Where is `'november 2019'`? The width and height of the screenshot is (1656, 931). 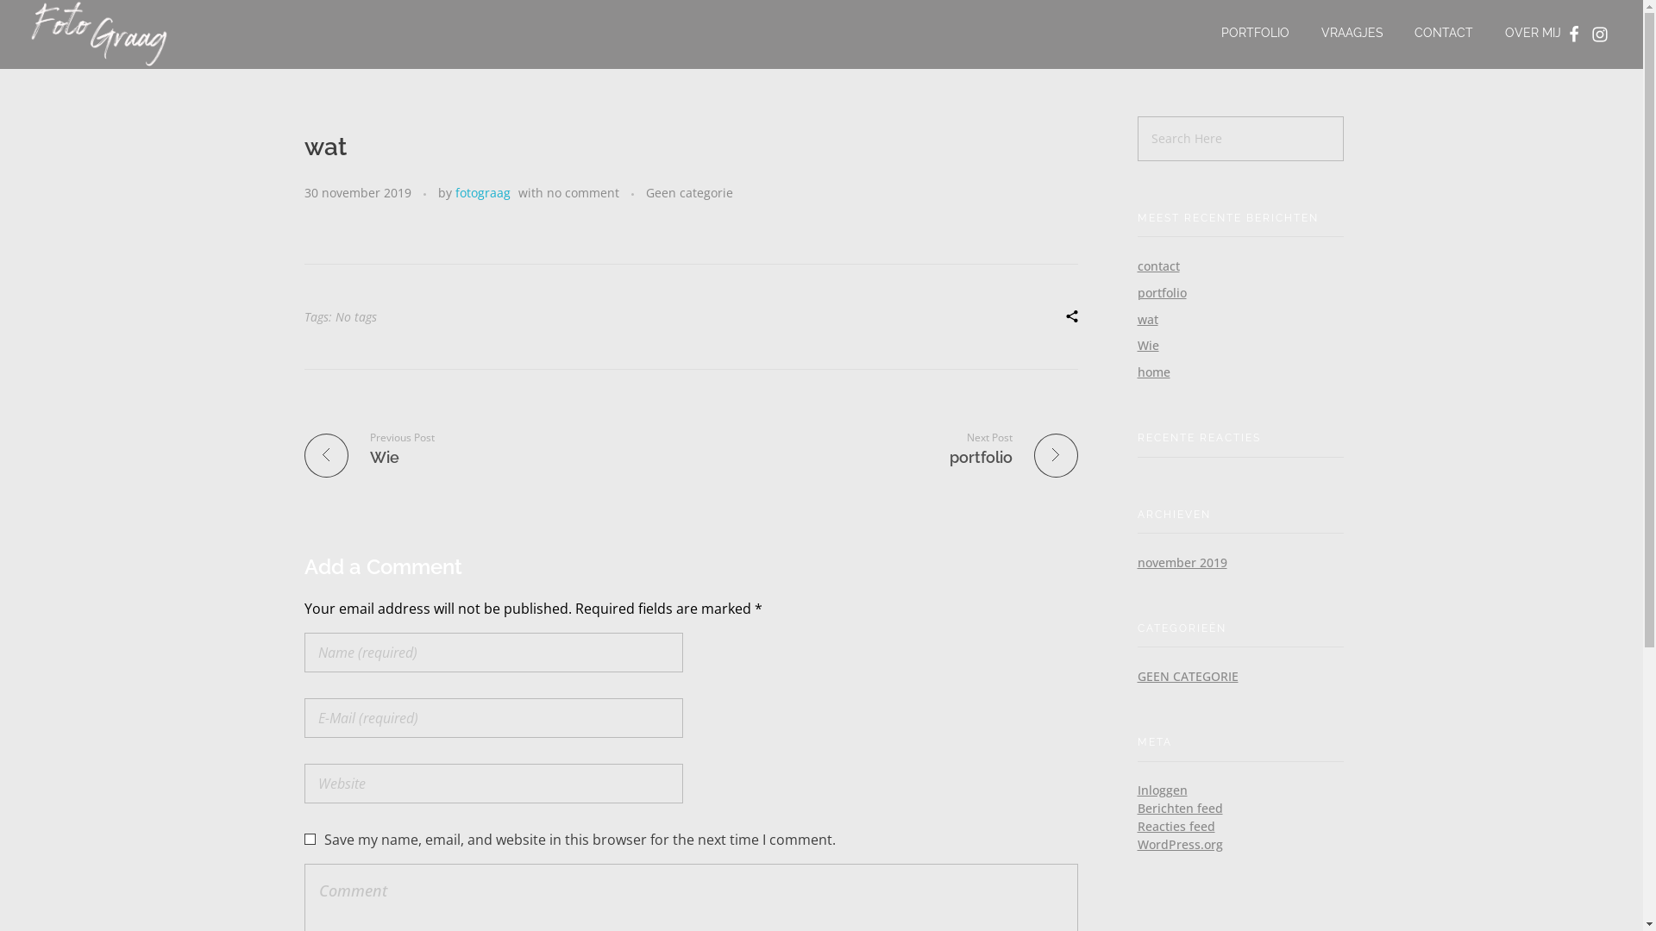 'november 2019' is located at coordinates (1180, 562).